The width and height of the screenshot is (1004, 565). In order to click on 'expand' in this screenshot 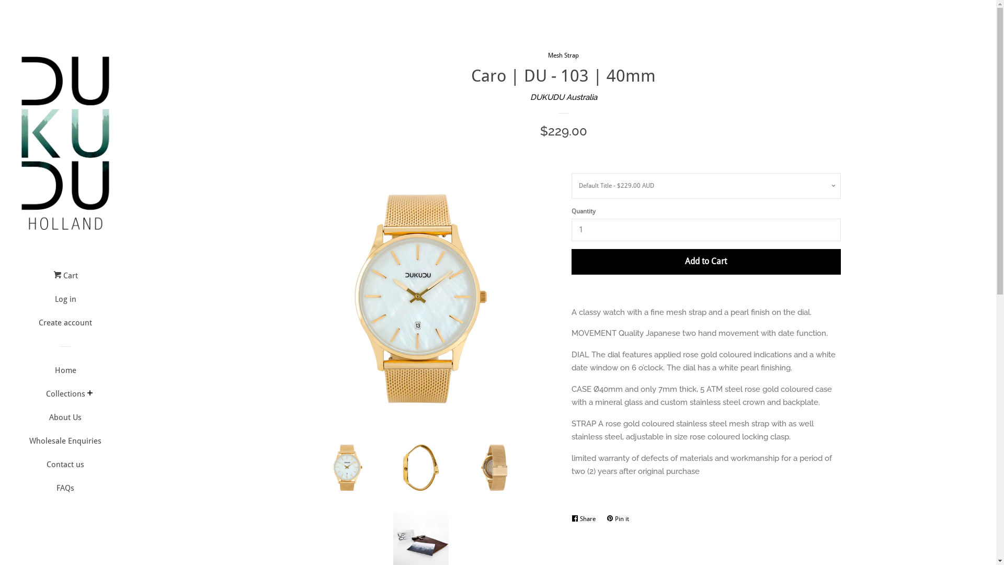, I will do `click(89, 393)`.